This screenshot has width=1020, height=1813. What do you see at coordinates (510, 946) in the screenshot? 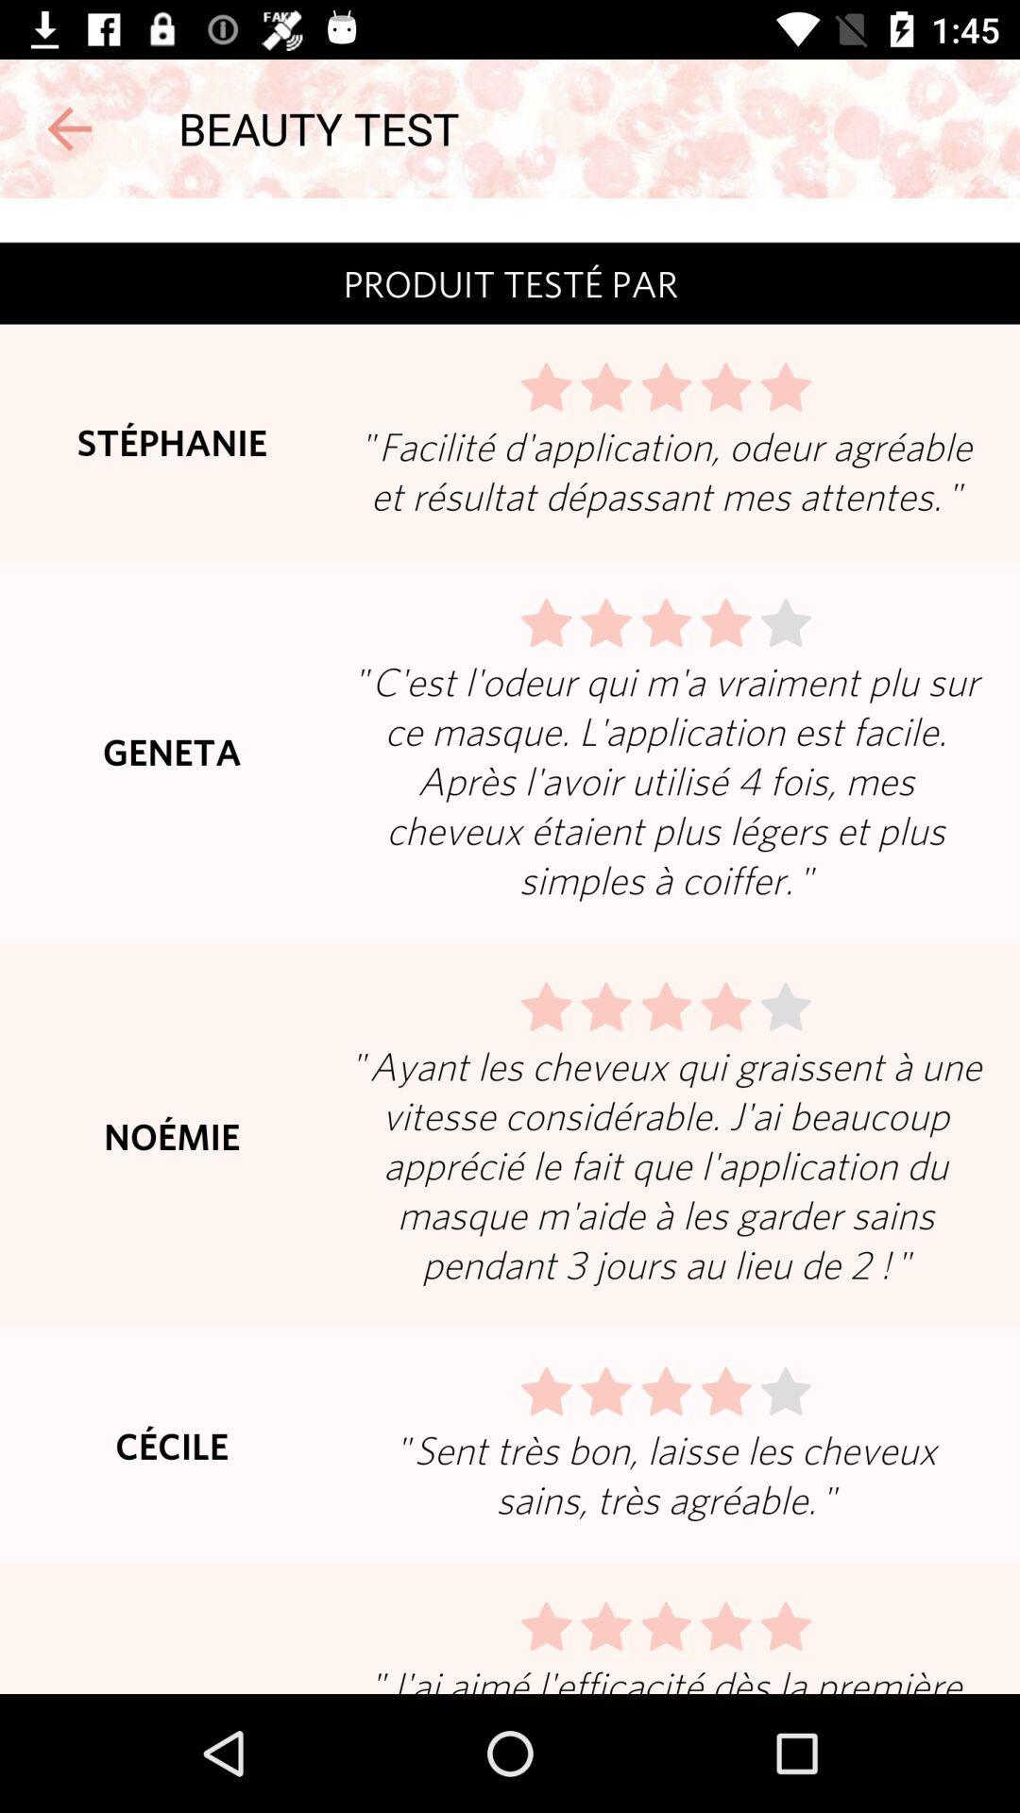
I see `description` at bounding box center [510, 946].